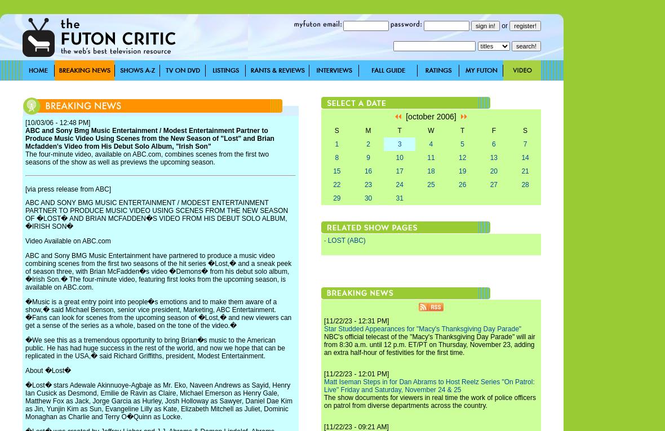 The height and width of the screenshot is (431, 665). I want to click on '24', so click(398, 185).